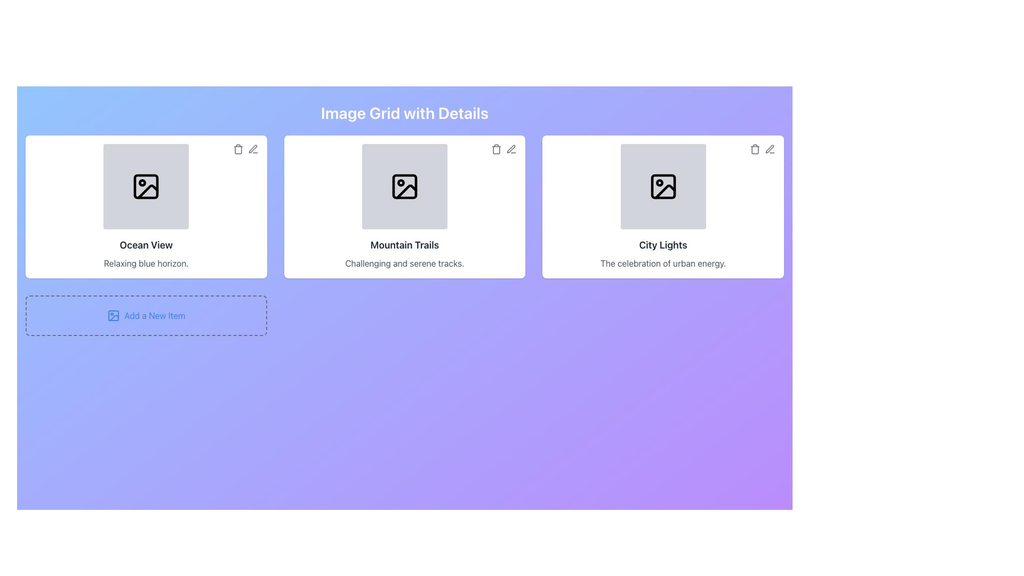 Image resolution: width=1024 pixels, height=576 pixels. I want to click on the pen-like icon button located in the top-right corner of the 'Mountain Trails' card to change its color from gray to blue, so click(511, 149).